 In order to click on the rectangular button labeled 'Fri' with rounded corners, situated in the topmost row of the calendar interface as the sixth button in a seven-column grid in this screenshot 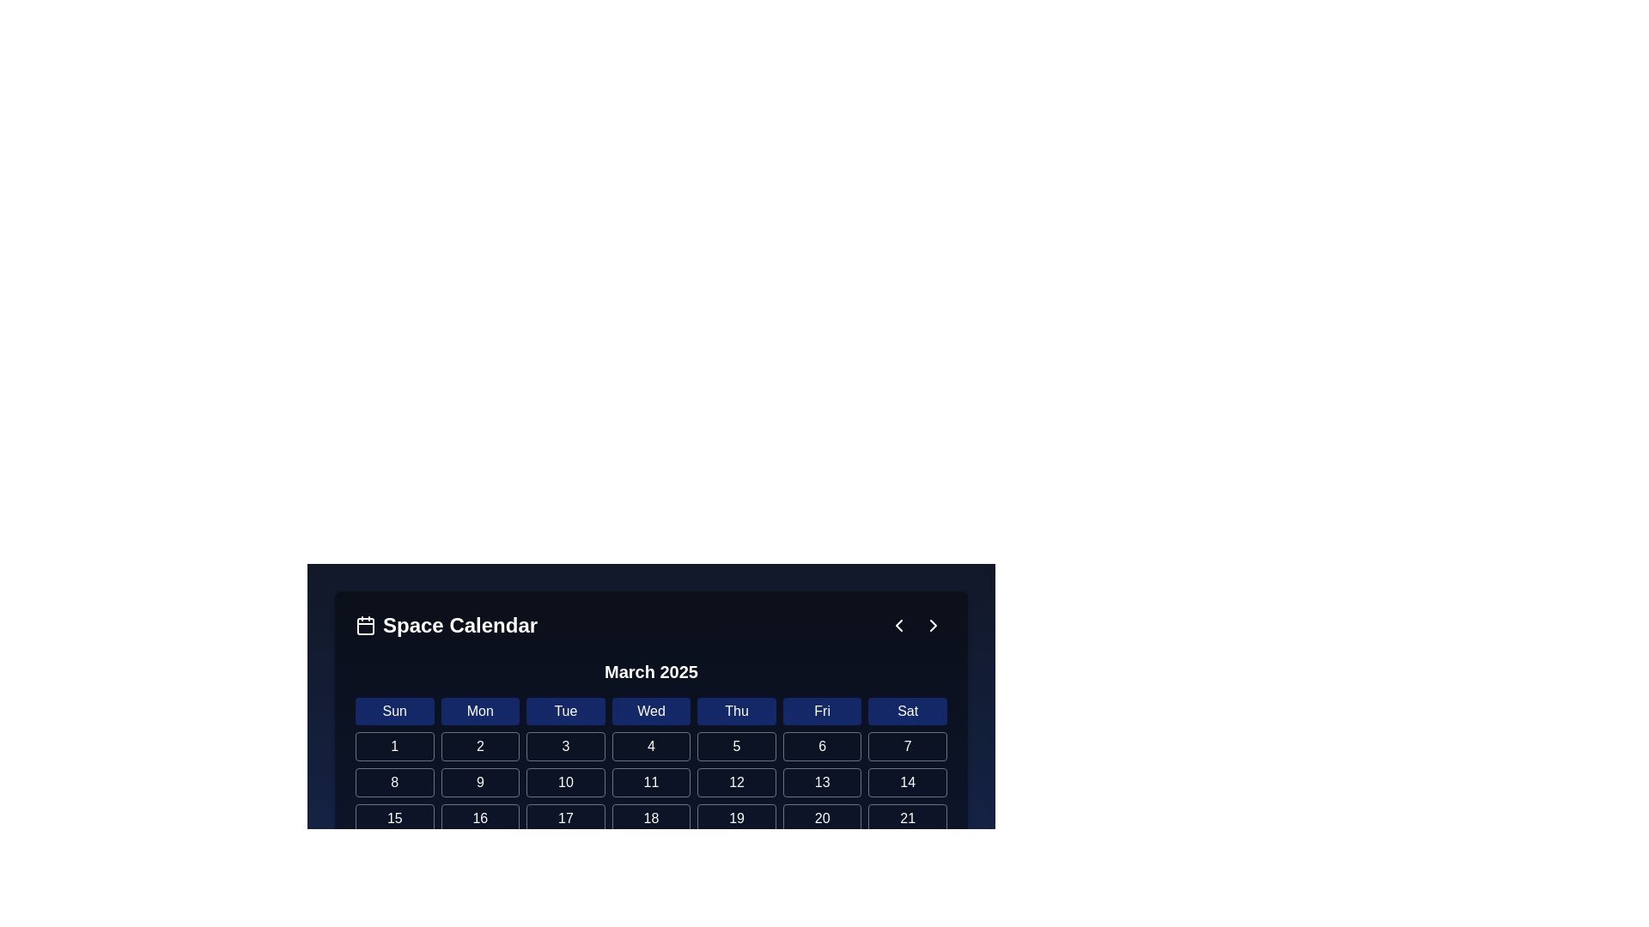, I will do `click(821, 712)`.